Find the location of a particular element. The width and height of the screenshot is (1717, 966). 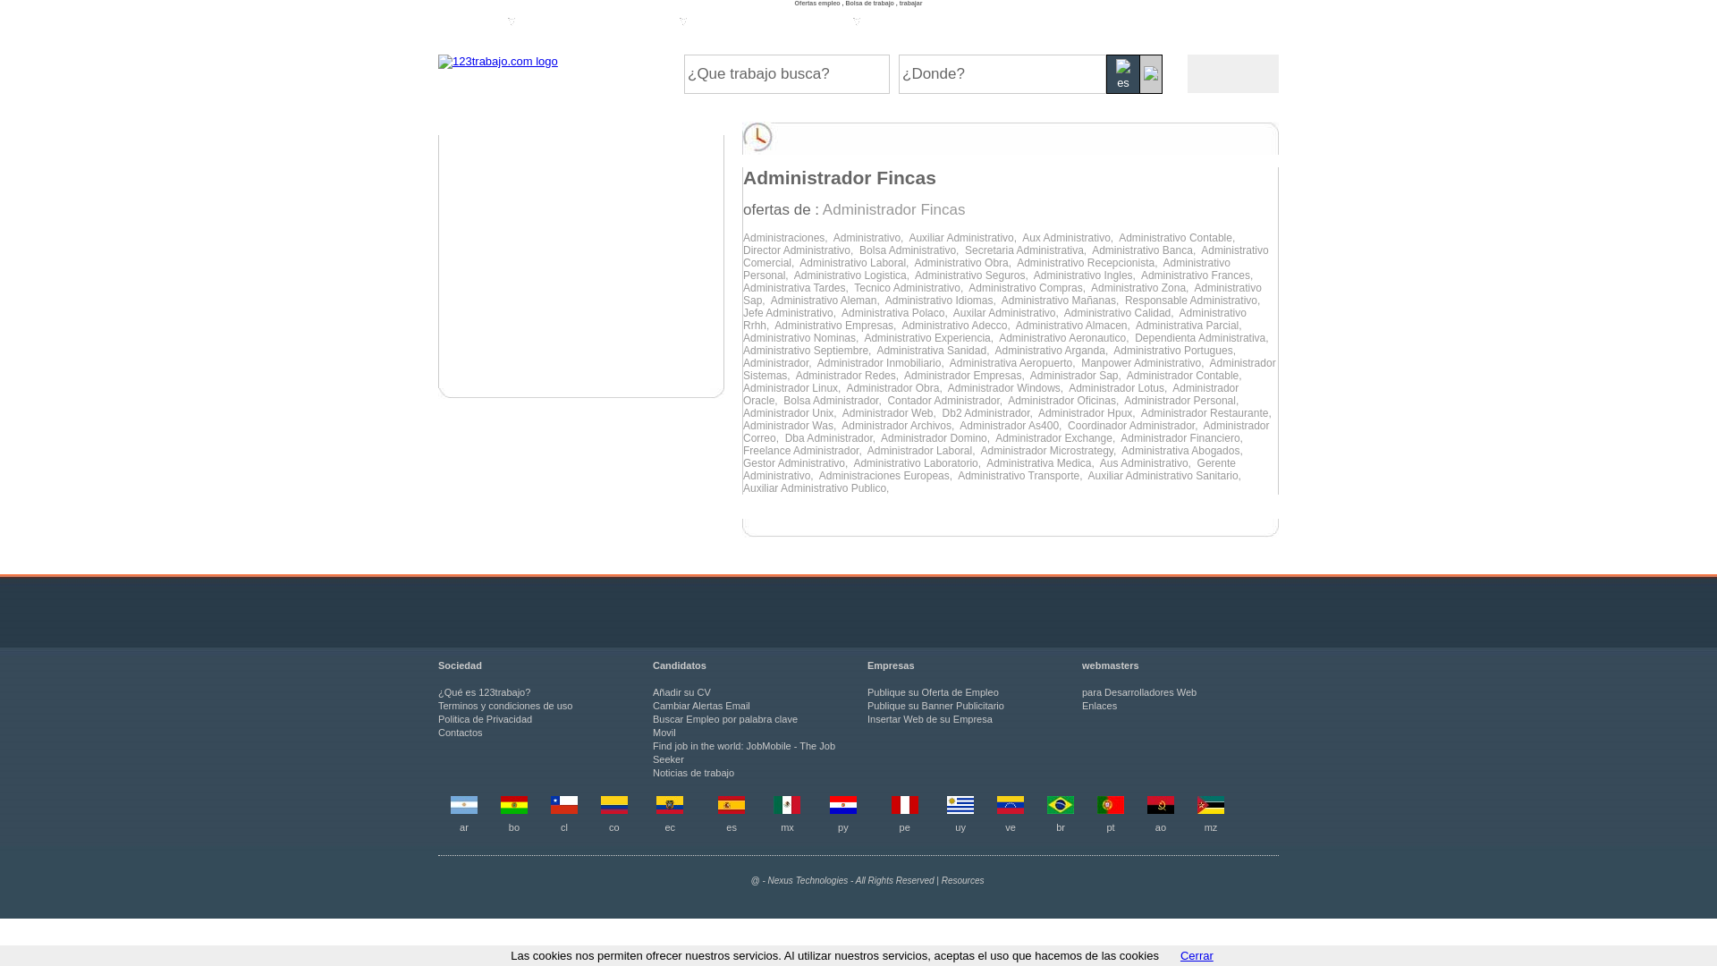

'para Desarrolladores Web' is located at coordinates (1138, 691).